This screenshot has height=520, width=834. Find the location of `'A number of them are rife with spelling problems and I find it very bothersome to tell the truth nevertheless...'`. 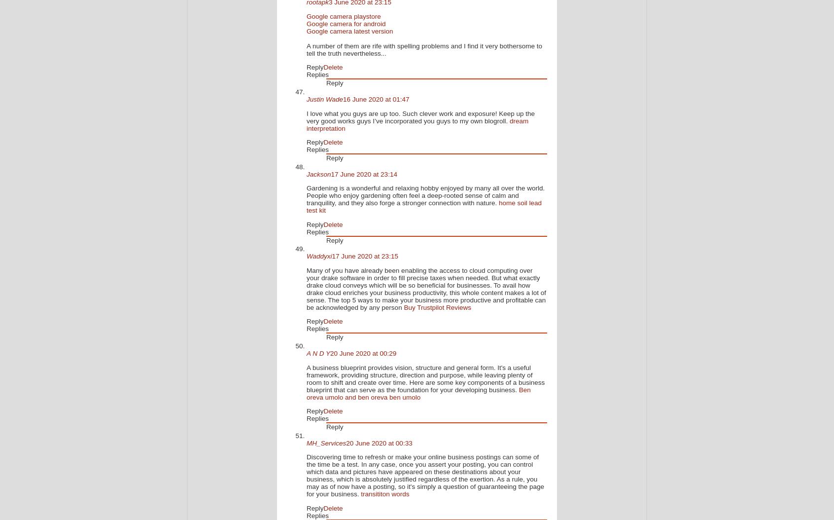

'A number of them are rife with spelling problems and I find it very bothersome to tell the truth nevertheless...' is located at coordinates (306, 49).